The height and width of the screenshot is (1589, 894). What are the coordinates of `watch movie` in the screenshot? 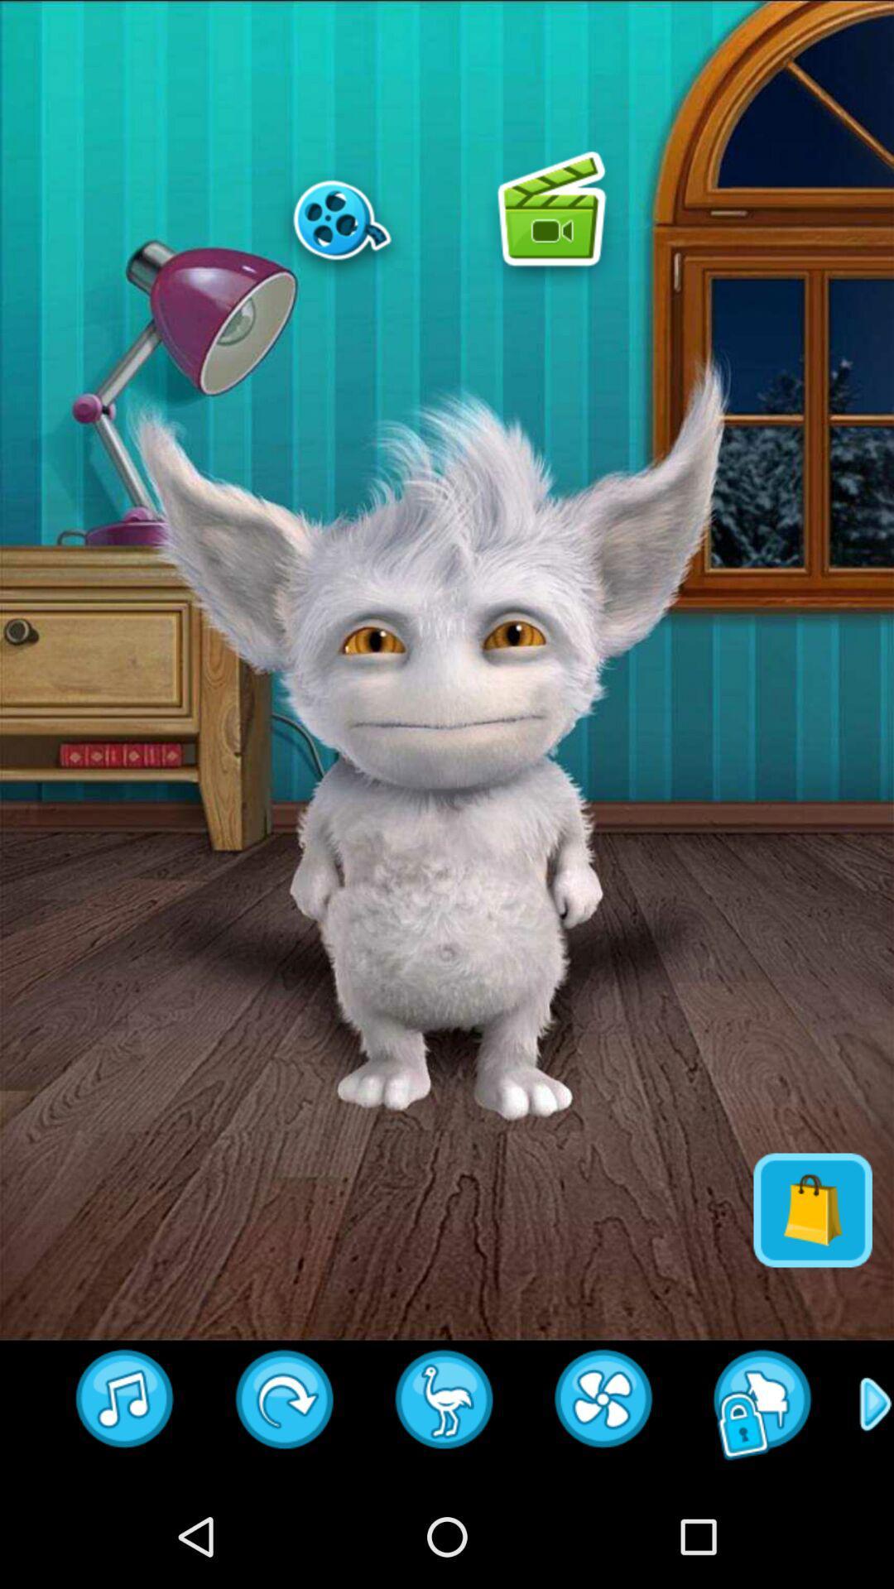 It's located at (341, 218).